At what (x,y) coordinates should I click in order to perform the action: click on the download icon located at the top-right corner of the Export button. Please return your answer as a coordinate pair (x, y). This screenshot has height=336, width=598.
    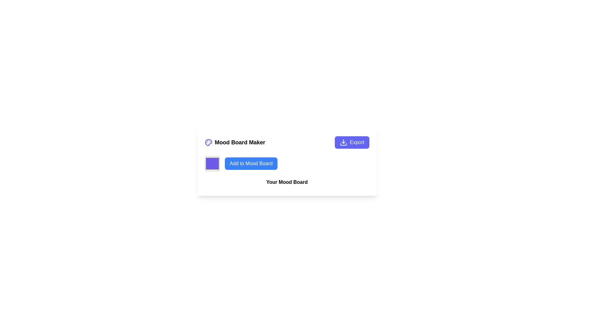
    Looking at the image, I should click on (343, 142).